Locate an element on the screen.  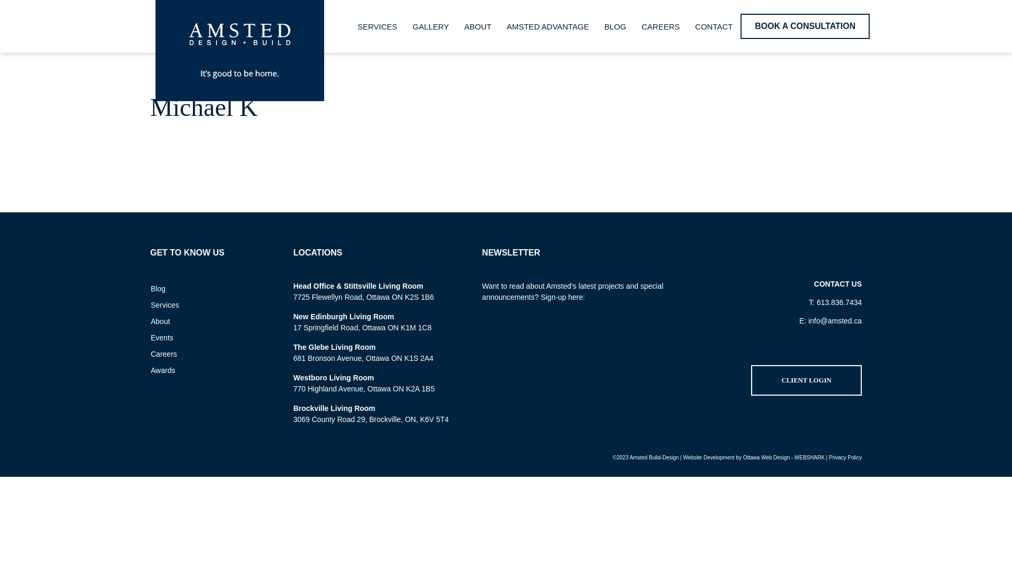
'Careers' is located at coordinates (205, 354).